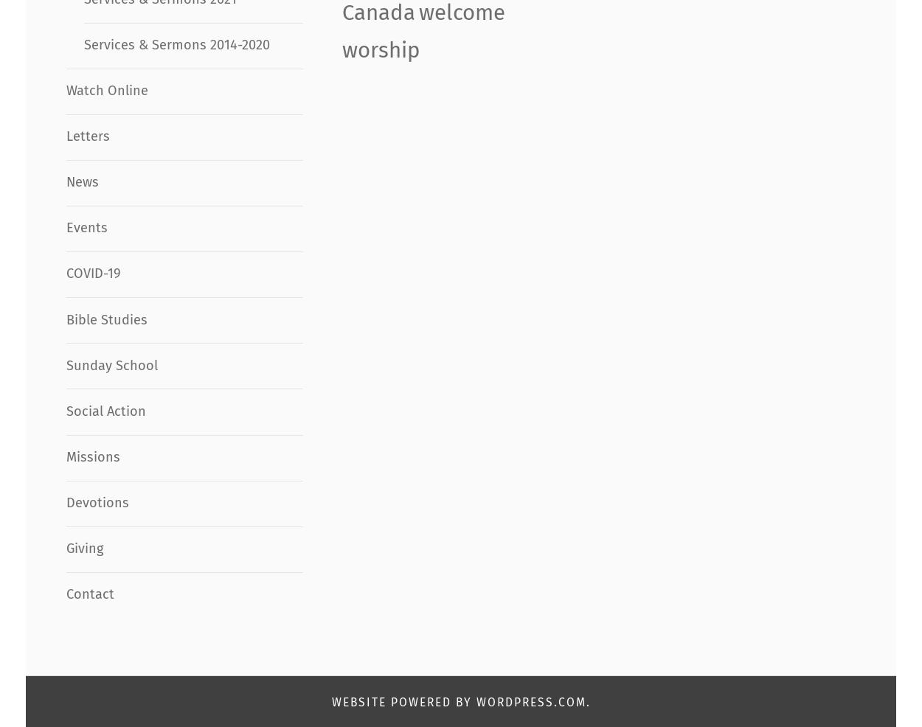  I want to click on 'Website Powered by WordPress.com', so click(330, 701).